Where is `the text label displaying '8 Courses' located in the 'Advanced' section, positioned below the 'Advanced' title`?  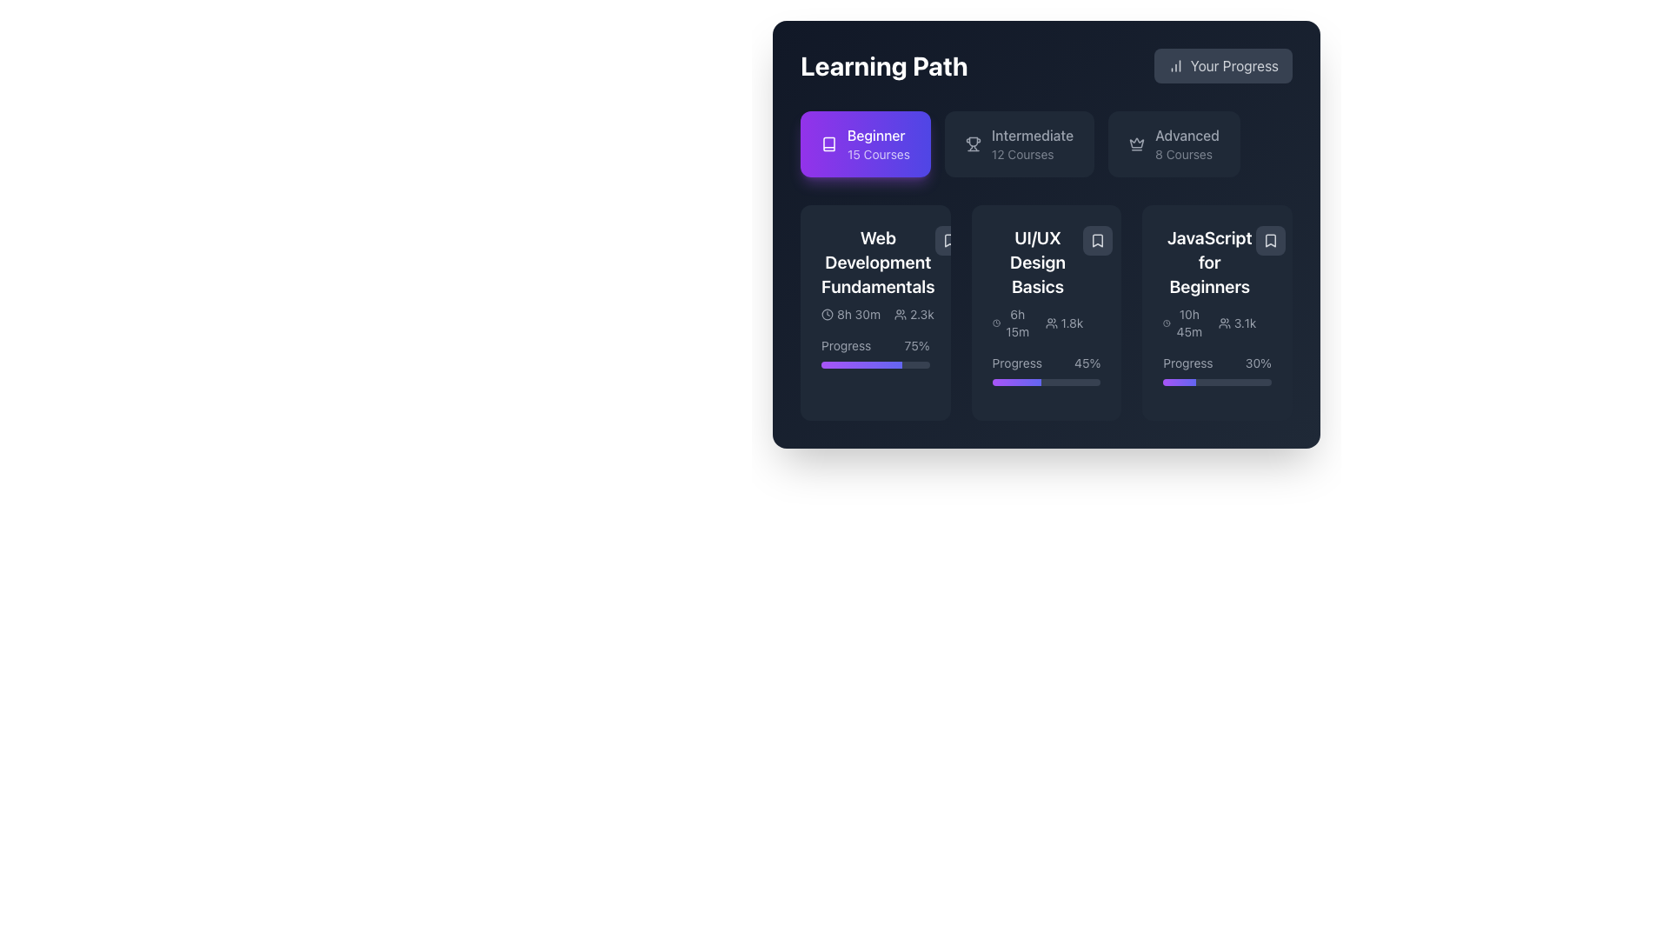 the text label displaying '8 Courses' located in the 'Advanced' section, positioned below the 'Advanced' title is located at coordinates (1187, 153).